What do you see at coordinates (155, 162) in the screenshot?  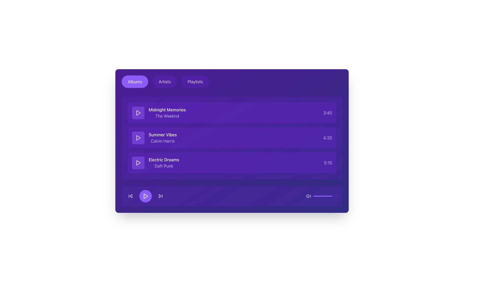 I see `the third song item` at bounding box center [155, 162].